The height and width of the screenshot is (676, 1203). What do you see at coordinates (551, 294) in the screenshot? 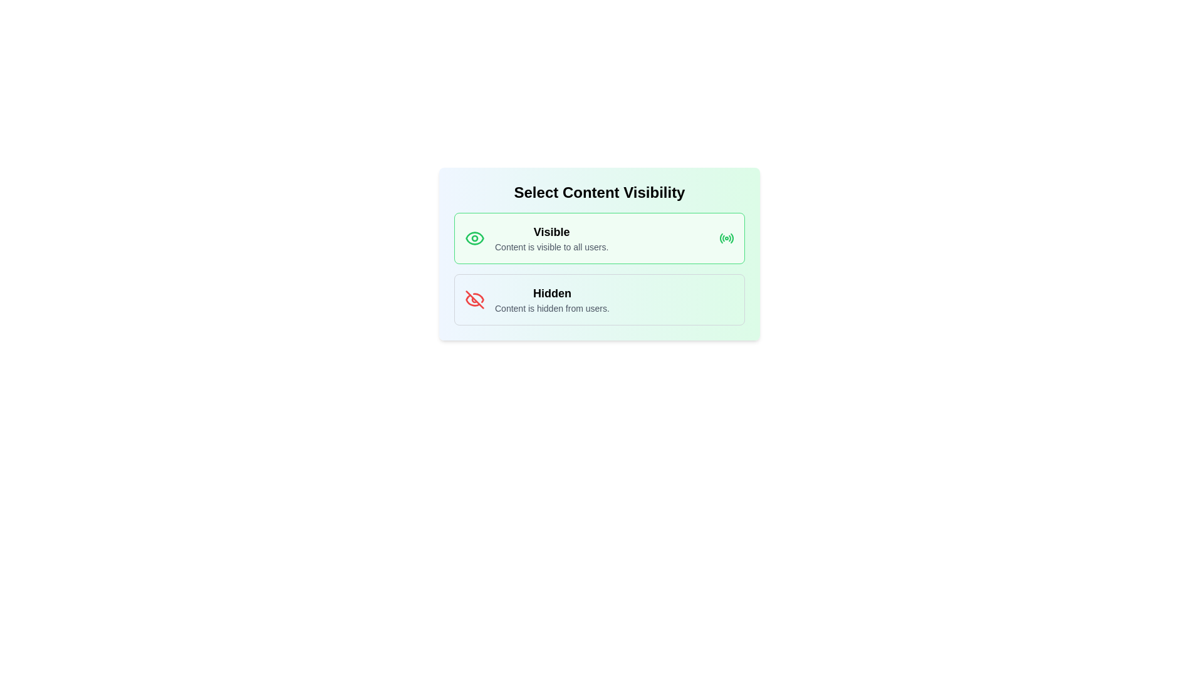
I see `the Text label indicating the 'Hidden' option in the visibility selection interface, located beneath the 'Visible' option` at bounding box center [551, 294].